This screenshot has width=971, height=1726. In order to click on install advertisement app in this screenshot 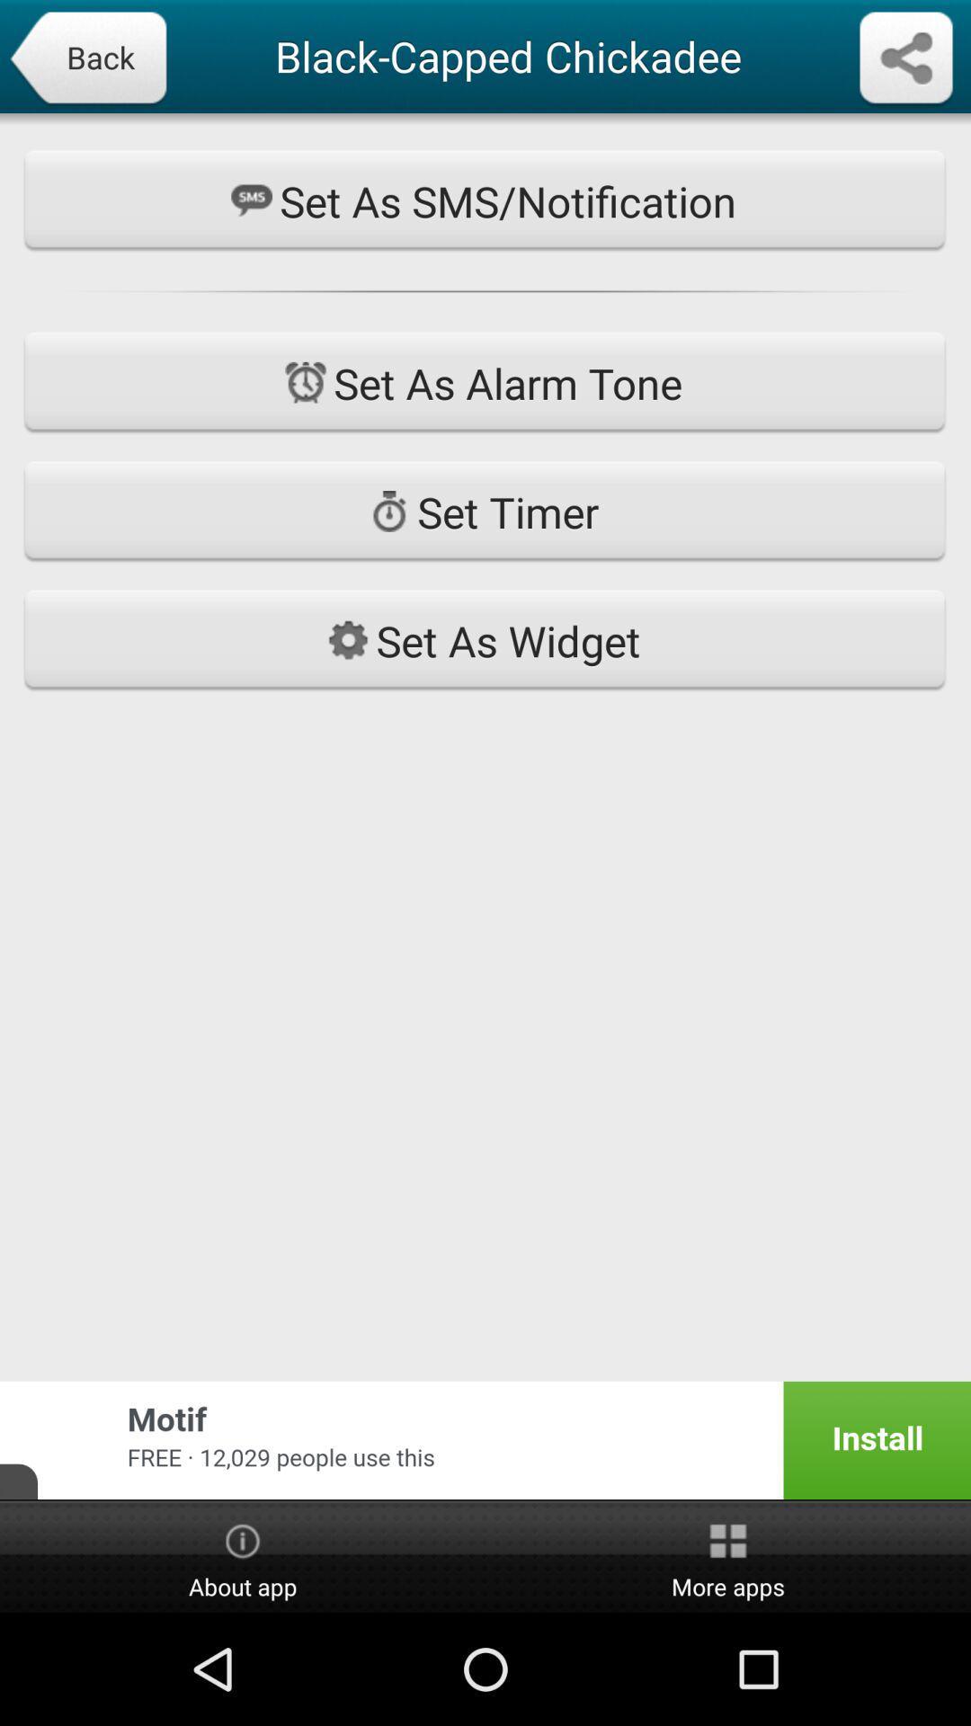, I will do `click(485, 1440)`.